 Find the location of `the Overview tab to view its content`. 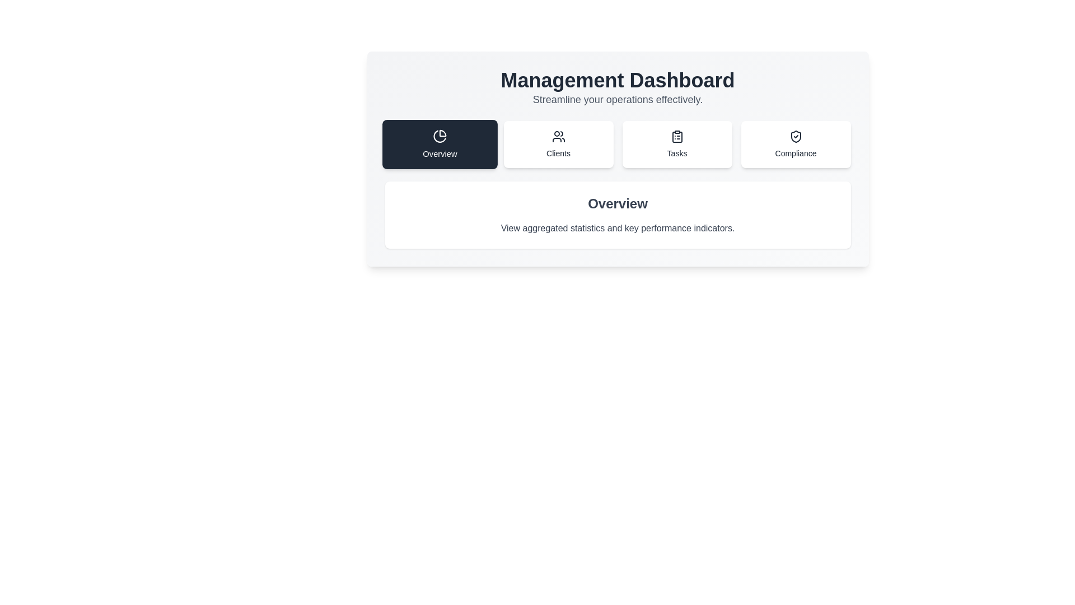

the Overview tab to view its content is located at coordinates (439, 144).